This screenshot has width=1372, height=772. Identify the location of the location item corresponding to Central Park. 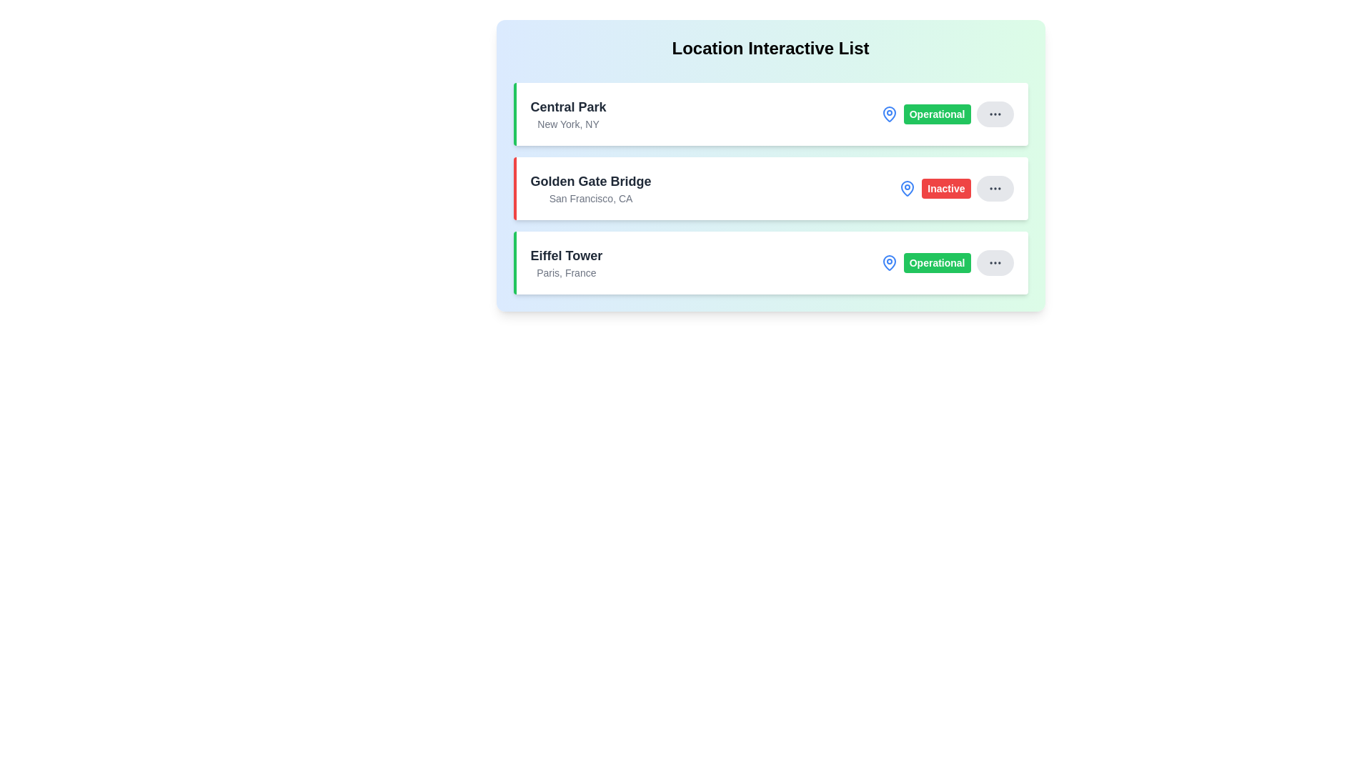
(770, 113).